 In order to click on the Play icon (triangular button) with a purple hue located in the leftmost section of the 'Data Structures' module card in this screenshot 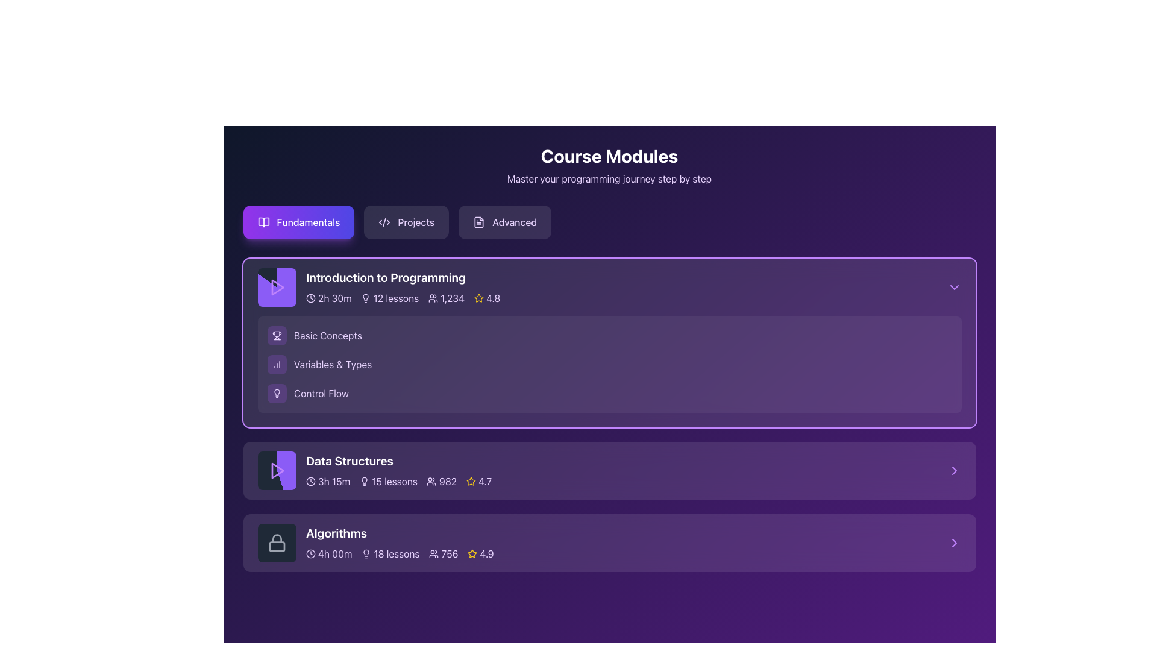, I will do `click(277, 470)`.